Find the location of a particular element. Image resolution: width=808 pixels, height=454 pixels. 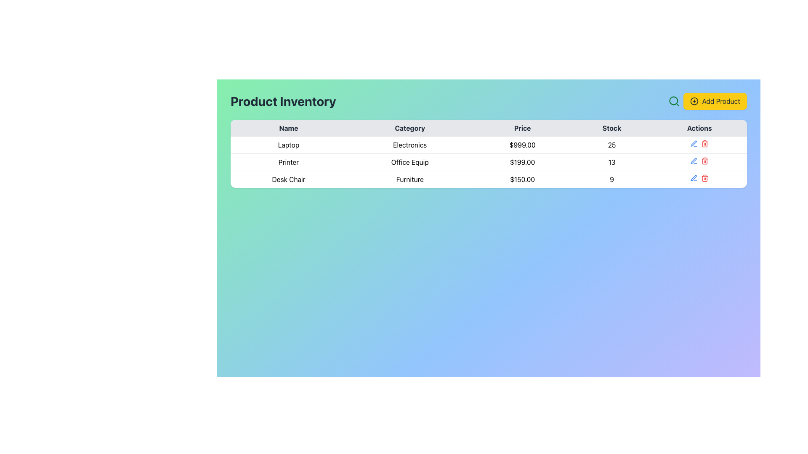

the button is located at coordinates (707, 100).